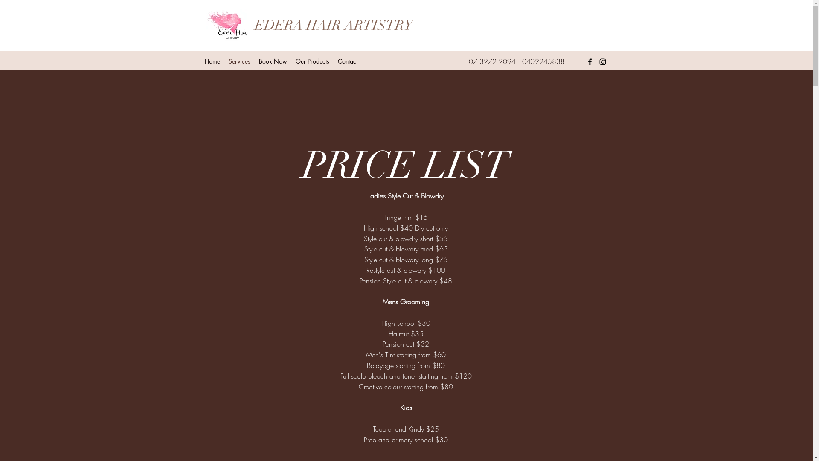 The height and width of the screenshot is (461, 819). Describe the element at coordinates (311, 61) in the screenshot. I see `'Our Products'` at that location.